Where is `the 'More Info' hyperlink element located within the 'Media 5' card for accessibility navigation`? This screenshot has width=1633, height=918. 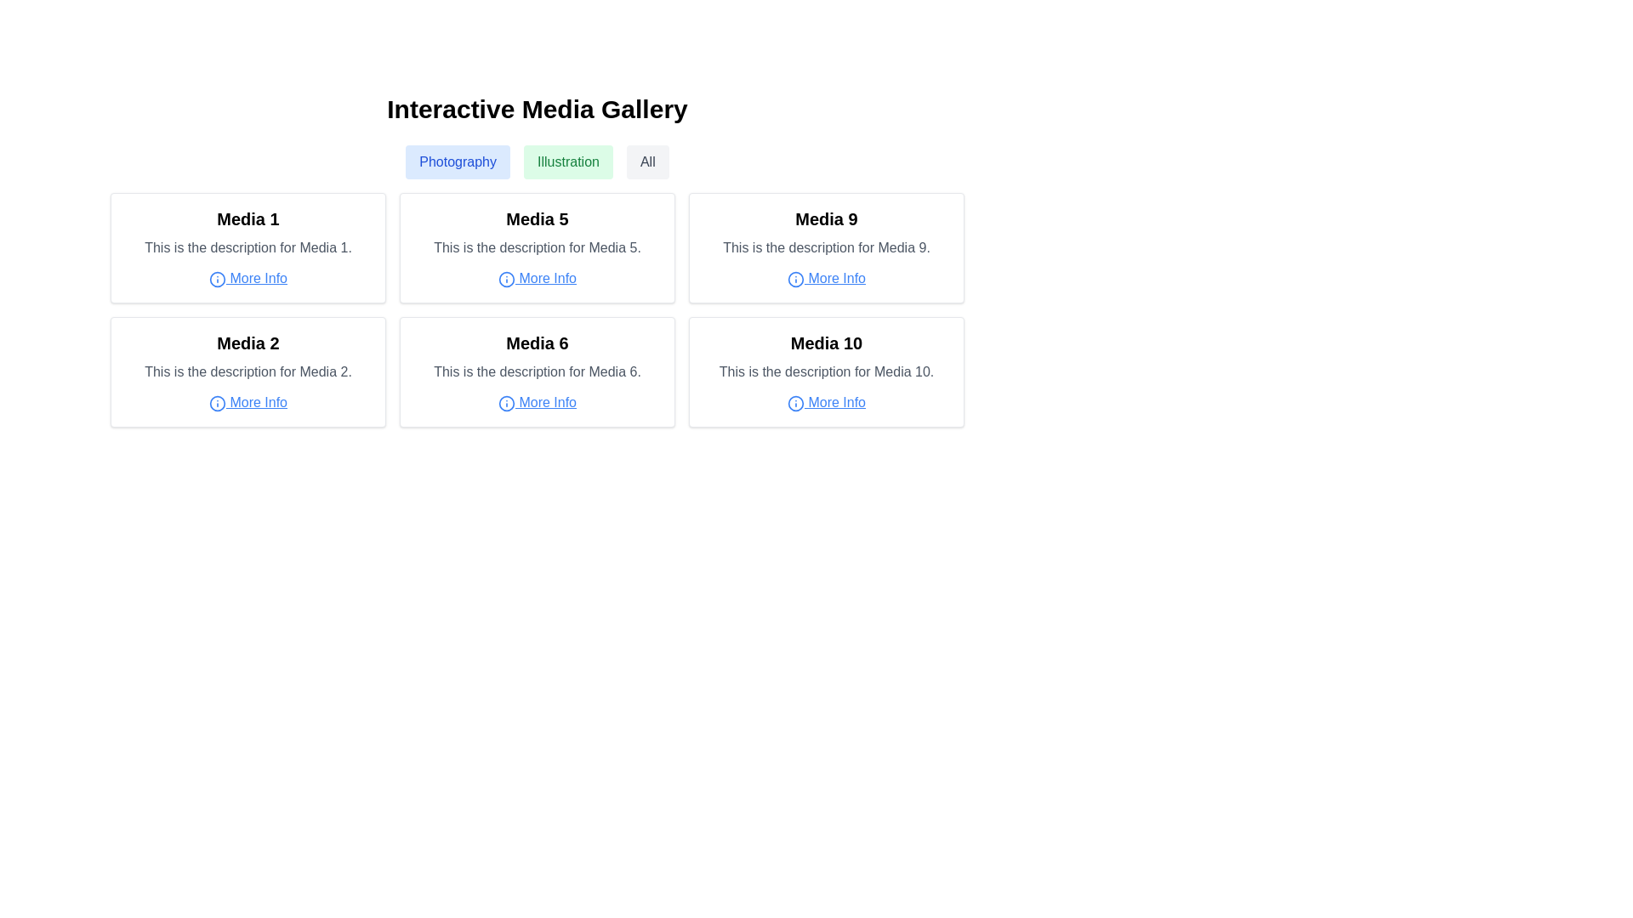
the 'More Info' hyperlink element located within the 'Media 5' card for accessibility navigation is located at coordinates (537, 277).